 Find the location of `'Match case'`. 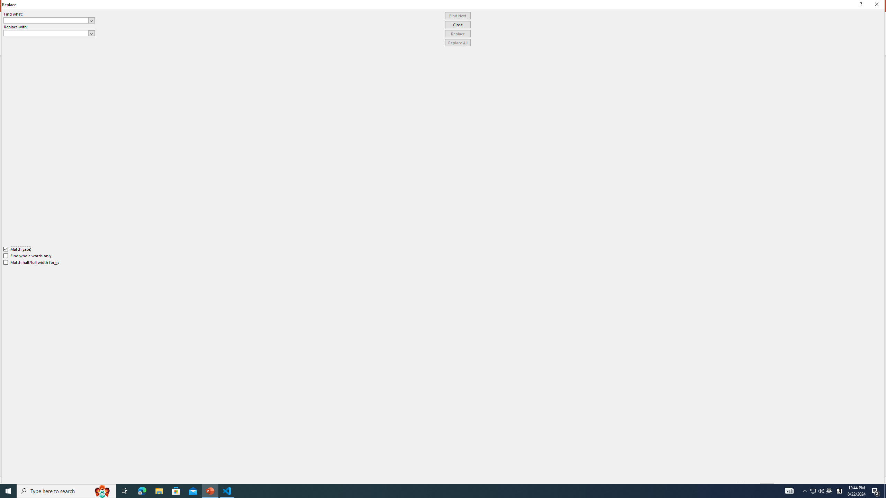

'Match case' is located at coordinates (17, 249).